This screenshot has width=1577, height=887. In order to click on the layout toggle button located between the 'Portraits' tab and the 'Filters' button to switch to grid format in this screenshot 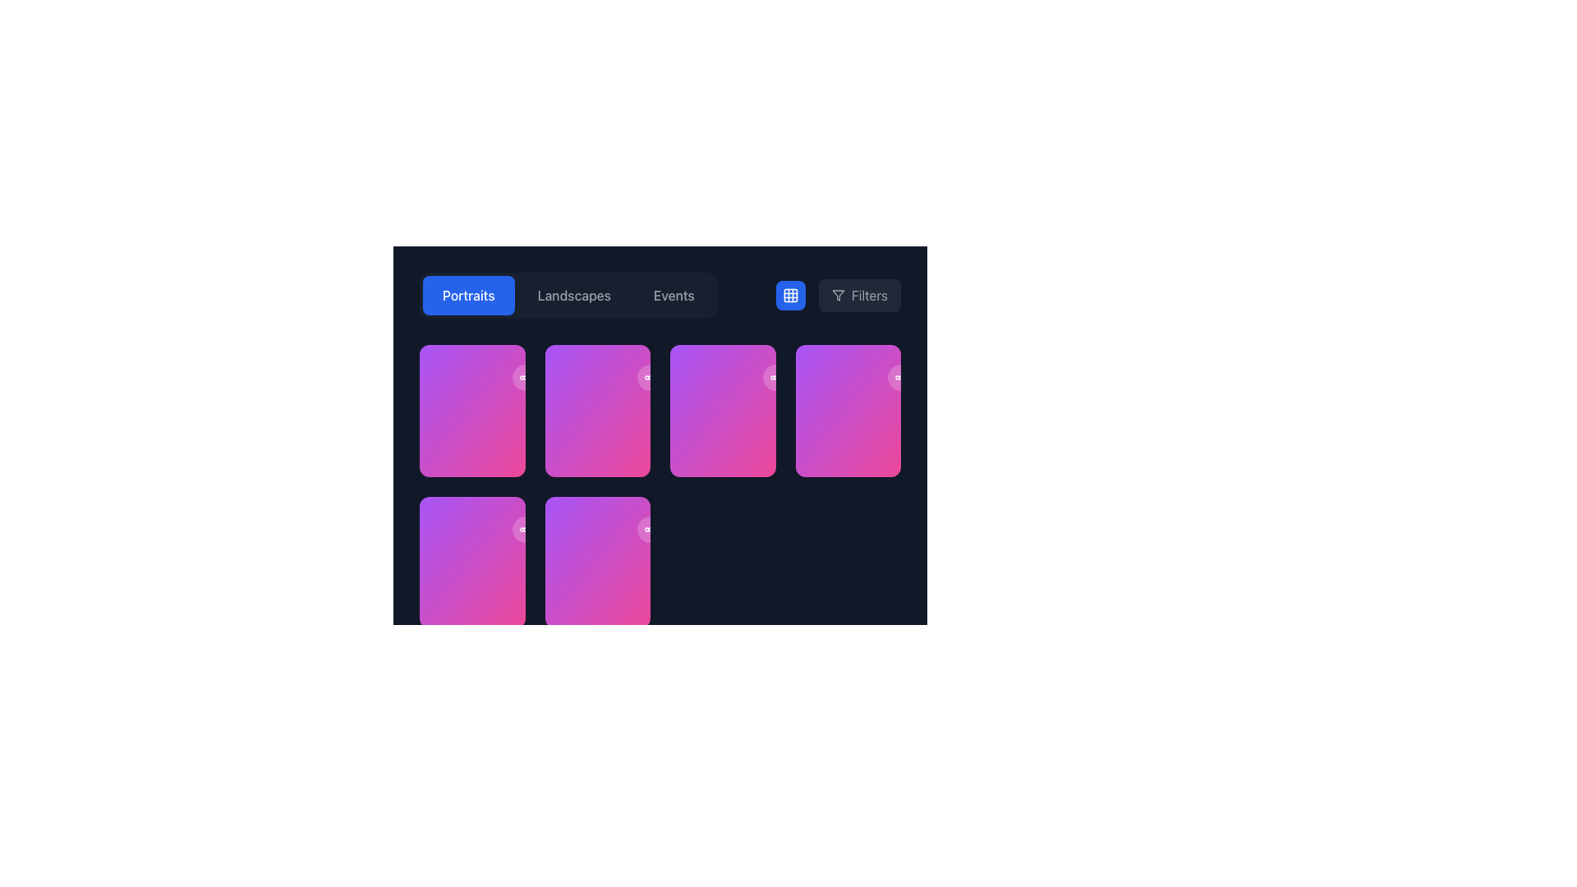, I will do `click(790, 294)`.